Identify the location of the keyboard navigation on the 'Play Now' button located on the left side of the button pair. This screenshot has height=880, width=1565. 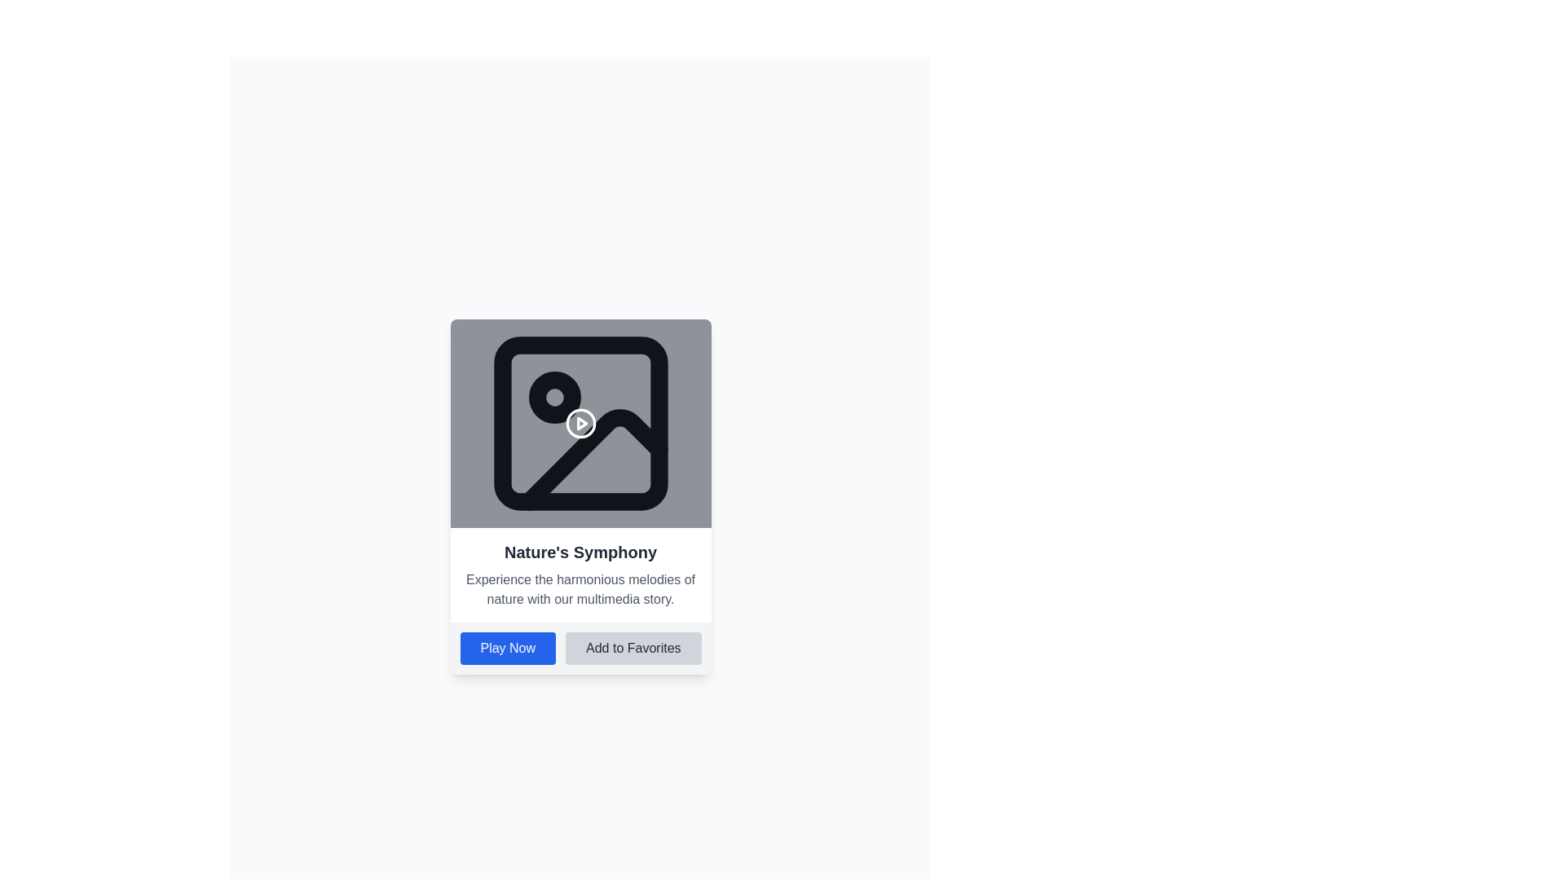
(507, 647).